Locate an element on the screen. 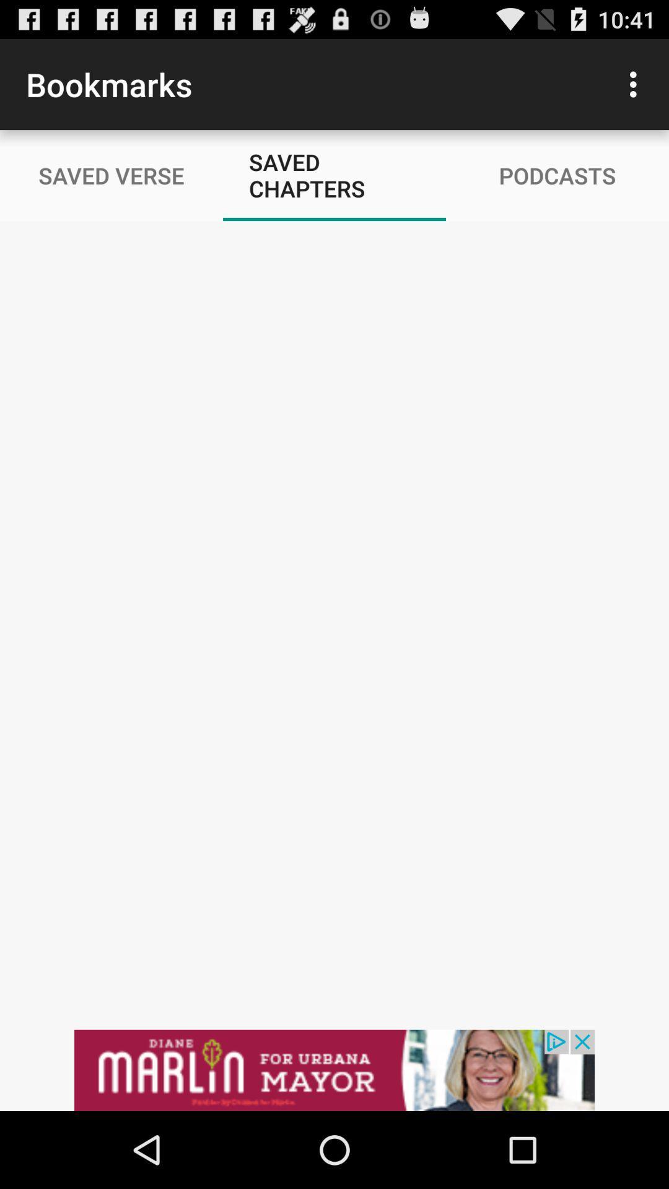 This screenshot has width=669, height=1189. the adversitement is located at coordinates (334, 1069).